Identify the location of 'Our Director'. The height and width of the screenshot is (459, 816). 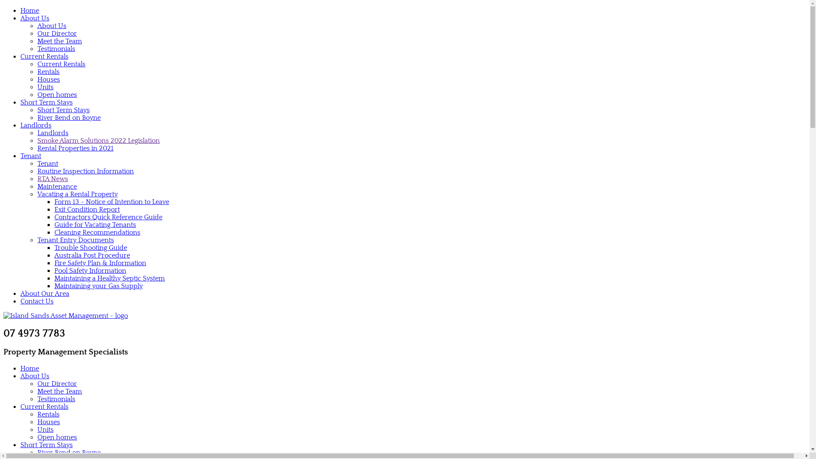
(57, 383).